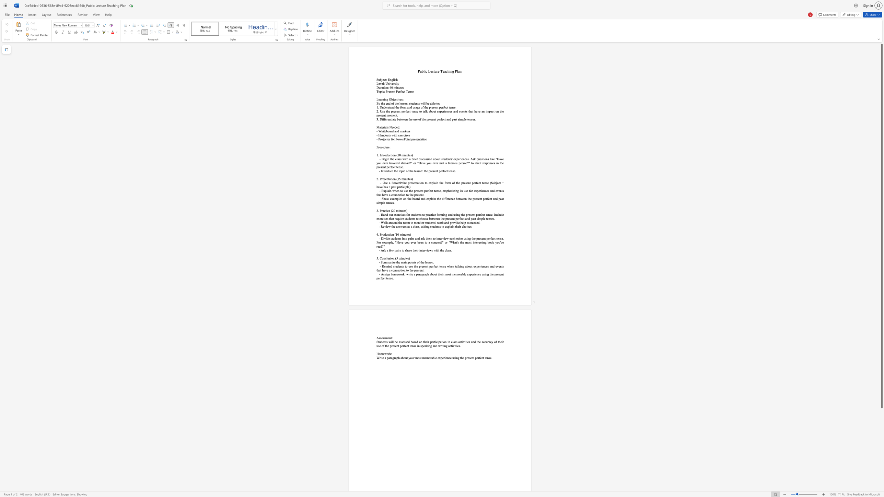  I want to click on the 1th character "e" in the text, so click(398, 135).